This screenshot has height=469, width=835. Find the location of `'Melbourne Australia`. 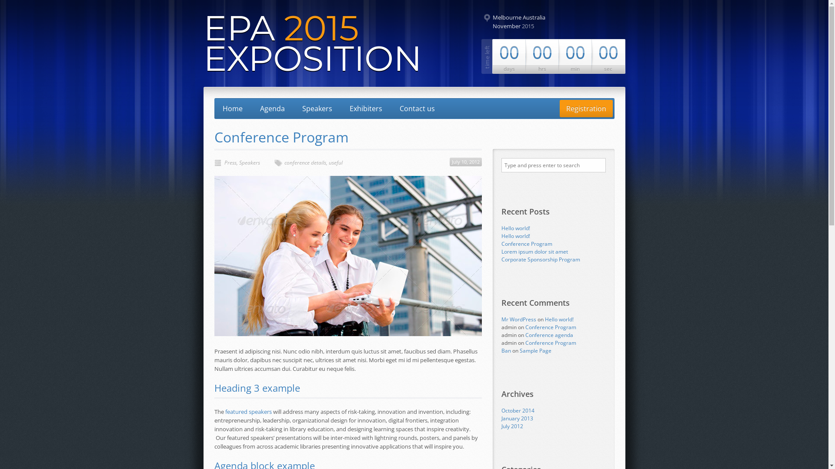

'Melbourne Australia is located at coordinates (542, 21).